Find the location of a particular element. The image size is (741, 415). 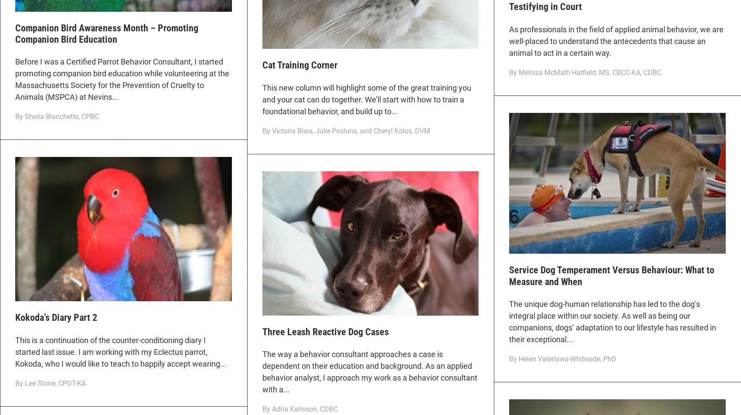

'As professionals in the field of applied animal behavior, we are well-placed to understand the antecedents that cause an animal to act in a certain way.' is located at coordinates (509, 41).